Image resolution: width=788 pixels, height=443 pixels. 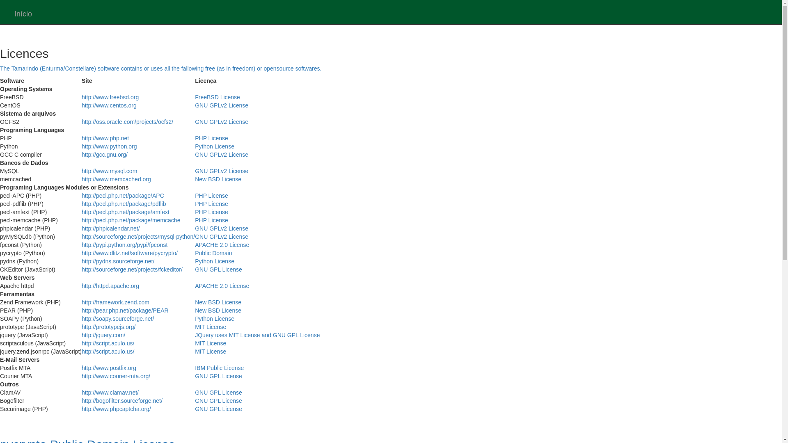 I want to click on 'http://www.courier-mta.org/', so click(x=115, y=376).